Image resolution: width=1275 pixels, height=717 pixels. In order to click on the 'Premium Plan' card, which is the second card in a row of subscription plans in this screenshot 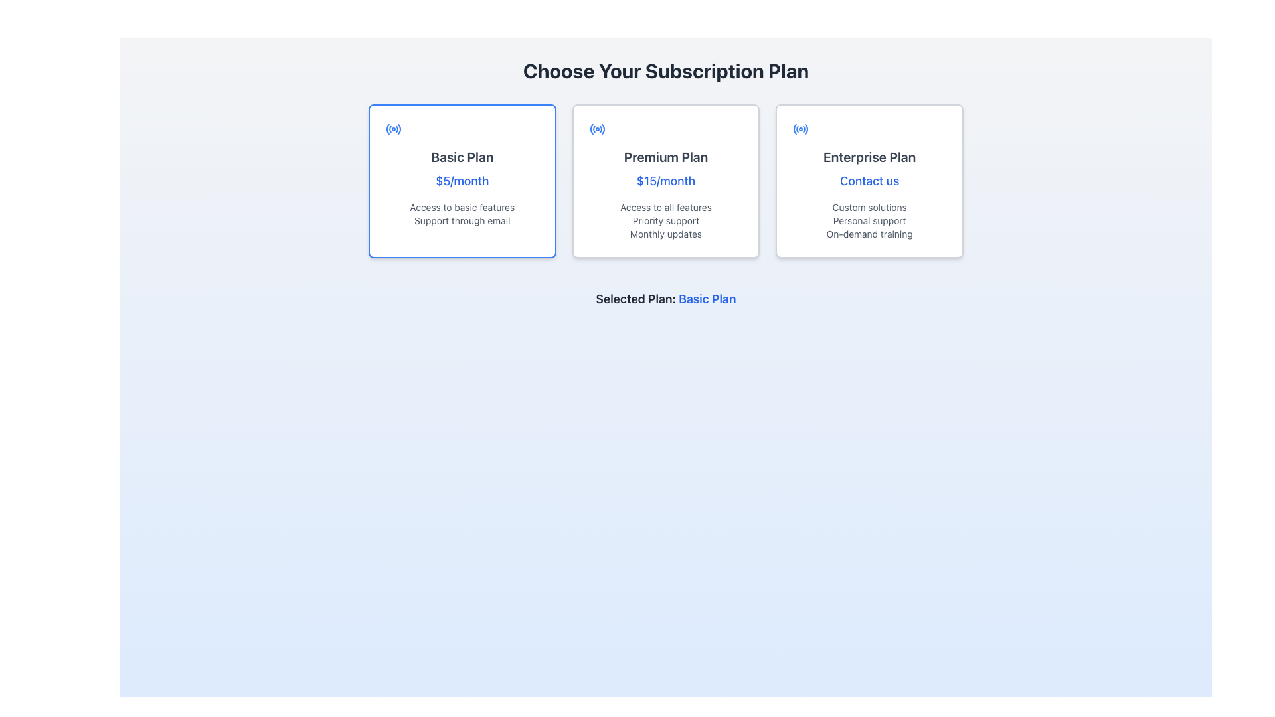, I will do `click(666, 181)`.